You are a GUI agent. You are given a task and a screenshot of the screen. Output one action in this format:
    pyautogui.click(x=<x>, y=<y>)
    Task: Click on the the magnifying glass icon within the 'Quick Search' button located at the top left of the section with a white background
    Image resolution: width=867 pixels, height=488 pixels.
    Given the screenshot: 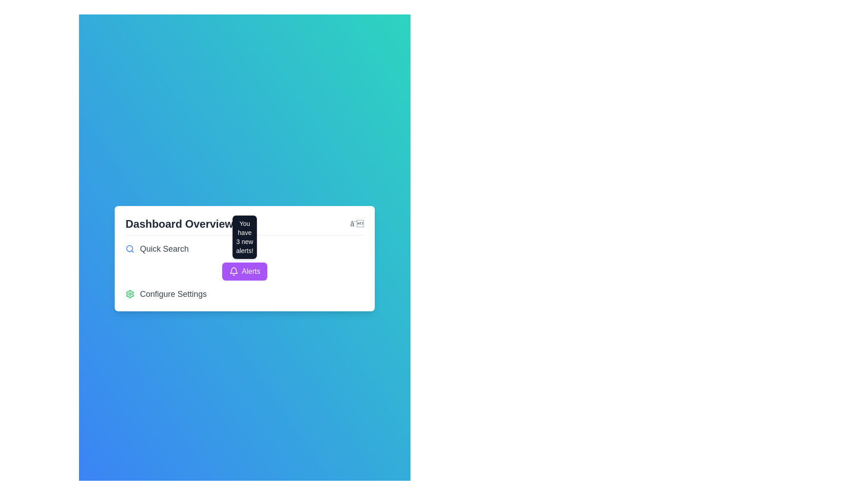 What is the action you would take?
    pyautogui.click(x=129, y=248)
    